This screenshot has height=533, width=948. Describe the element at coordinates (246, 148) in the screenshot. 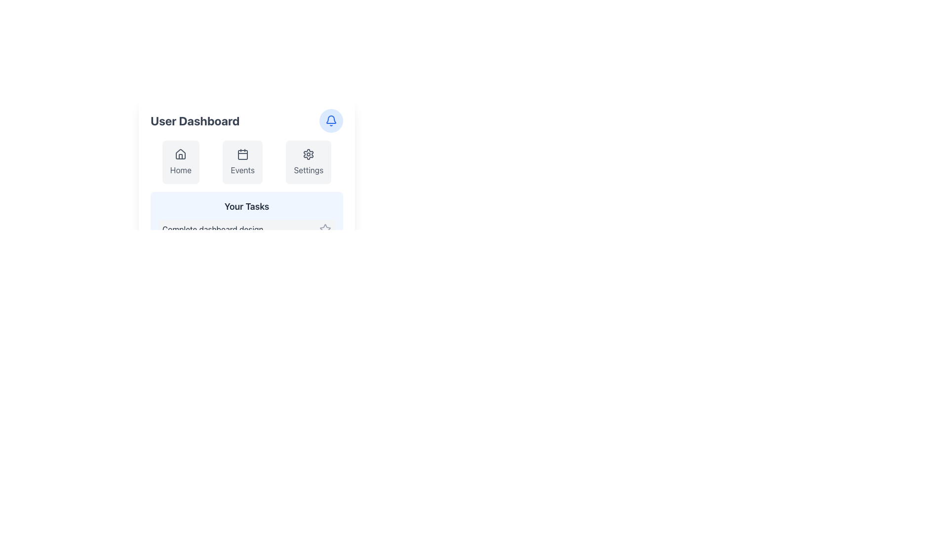

I see `the Navigation Button with a calendar icon and 'Events' text` at that location.